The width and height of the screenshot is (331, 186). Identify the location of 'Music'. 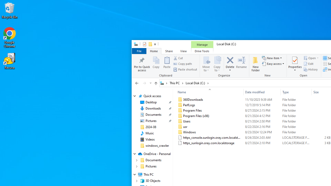
(149, 133).